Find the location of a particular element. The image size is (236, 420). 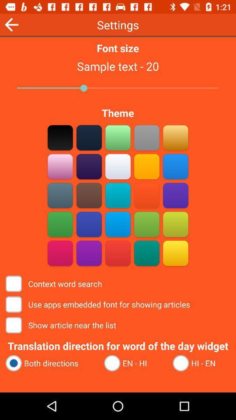

orange option is located at coordinates (146, 195).